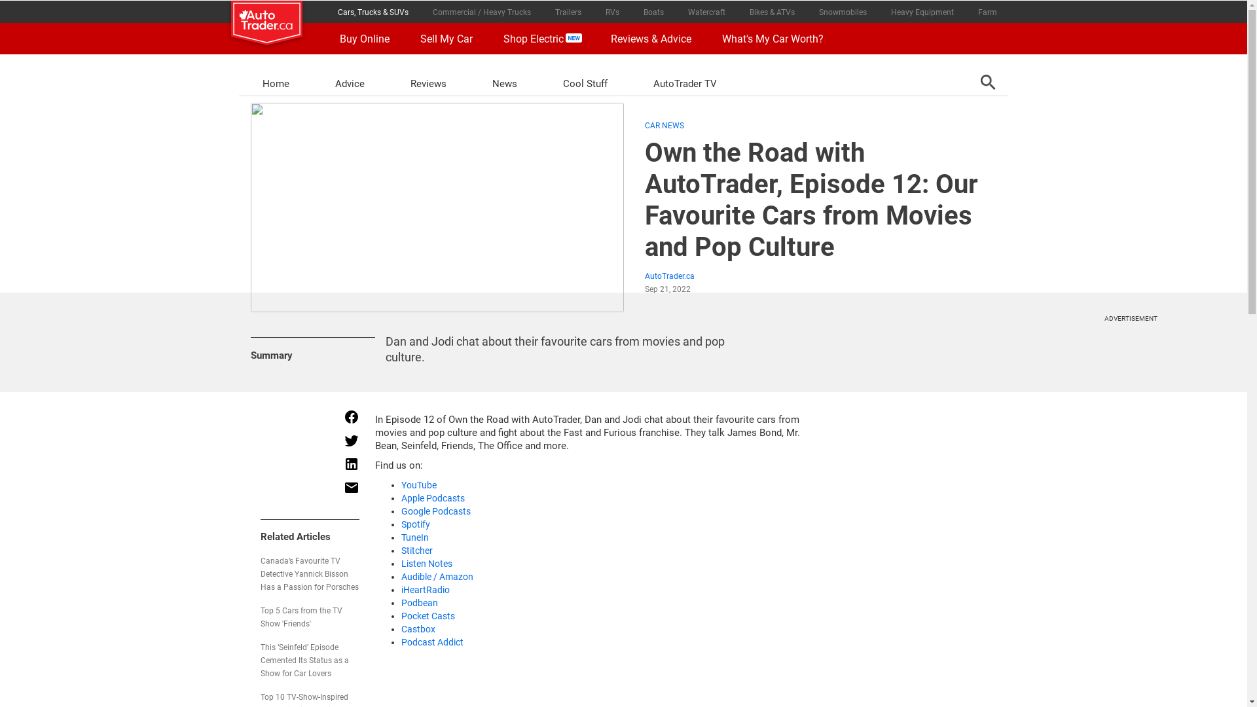  What do you see at coordinates (442, 37) in the screenshot?
I see `'Sell My Car'` at bounding box center [442, 37].